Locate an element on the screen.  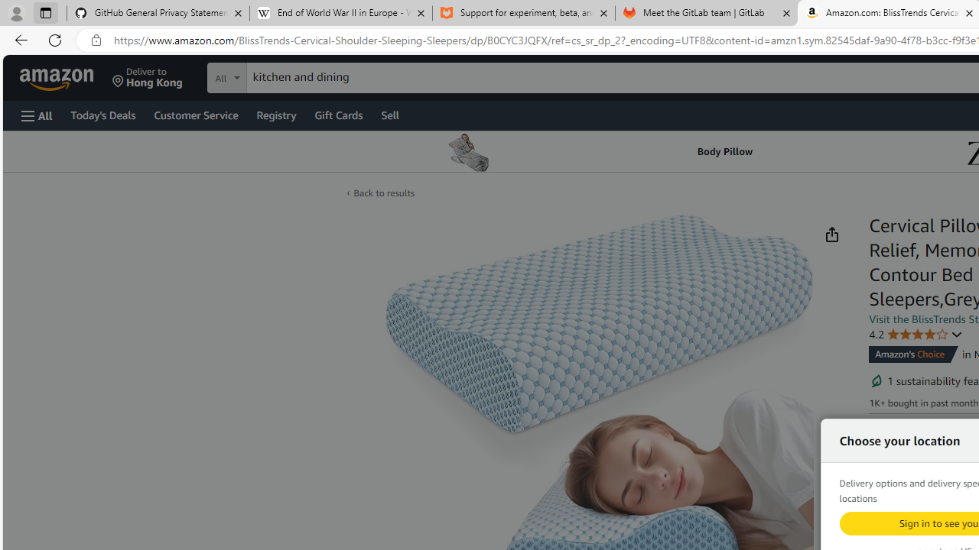
'Search in' is located at coordinates (284, 76).